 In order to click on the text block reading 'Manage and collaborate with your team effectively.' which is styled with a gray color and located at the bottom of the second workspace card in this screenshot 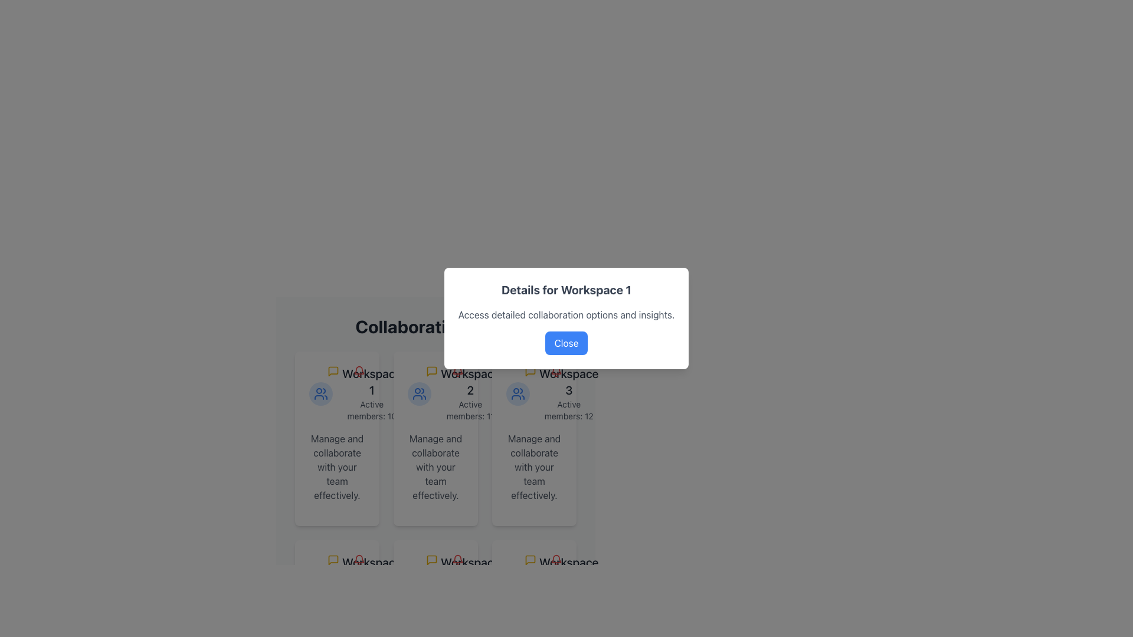, I will do `click(435, 466)`.